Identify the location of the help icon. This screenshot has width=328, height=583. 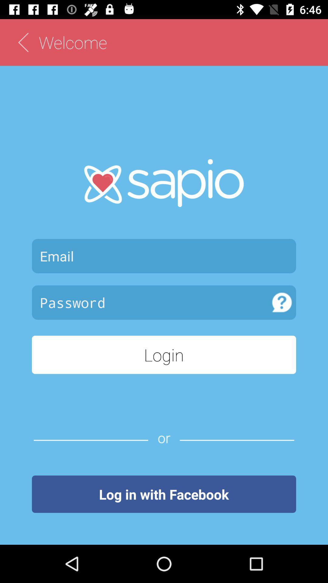
(282, 302).